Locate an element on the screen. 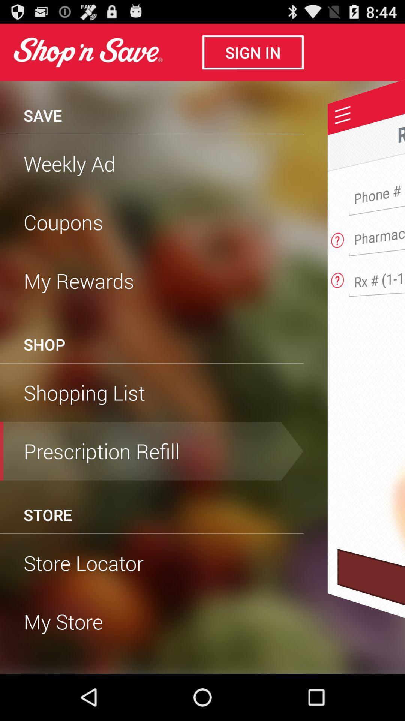  coupons item is located at coordinates (152, 222).